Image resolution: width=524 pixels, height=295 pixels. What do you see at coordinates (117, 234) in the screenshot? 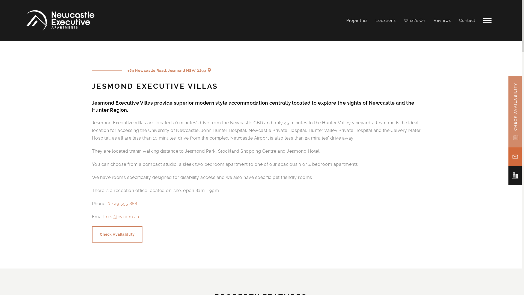
I see `'Check Availability'` at bounding box center [117, 234].